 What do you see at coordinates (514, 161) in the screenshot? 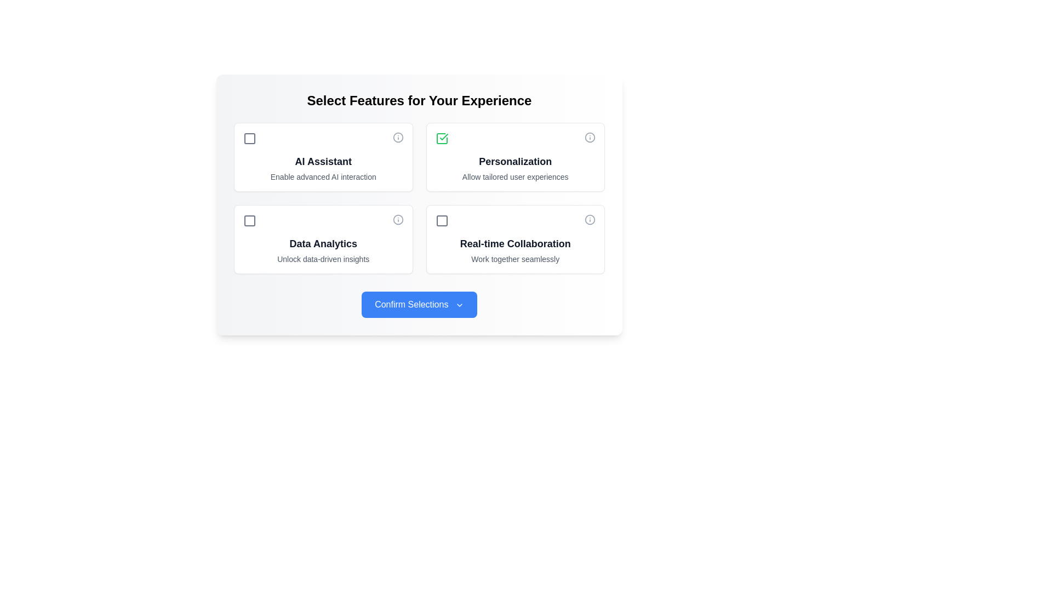
I see `the Header text for the 'Personalization' feature card, located in the top-right section of the feature selection grid` at bounding box center [514, 161].